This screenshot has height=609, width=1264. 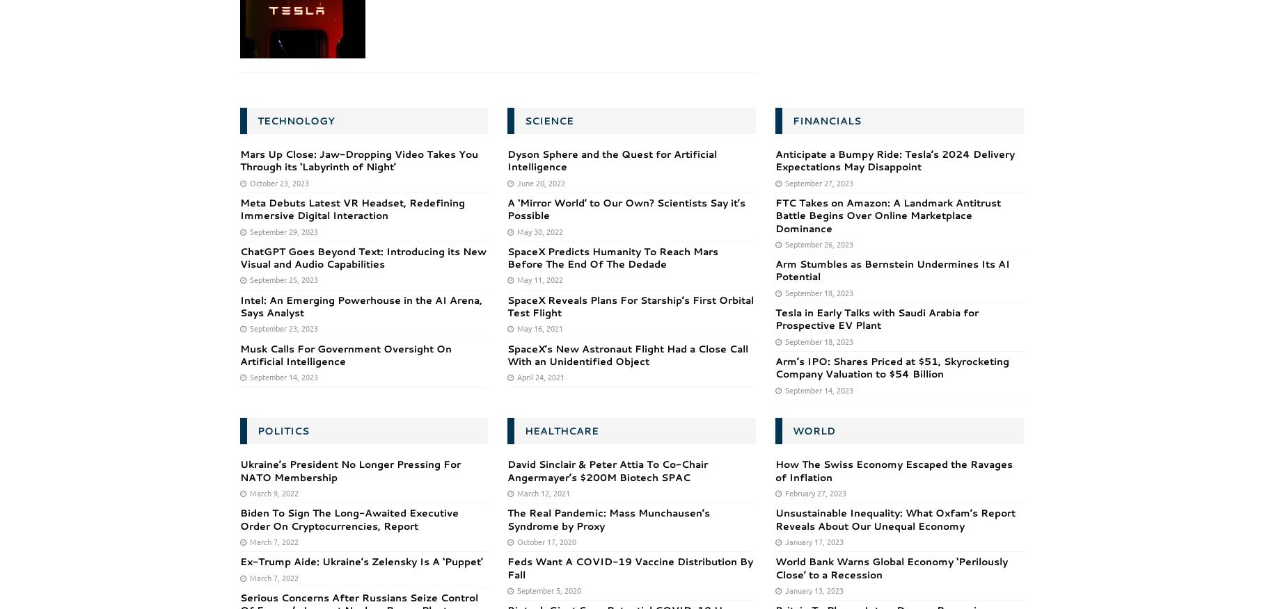 I want to click on 'March 12, 2021', so click(x=543, y=491).